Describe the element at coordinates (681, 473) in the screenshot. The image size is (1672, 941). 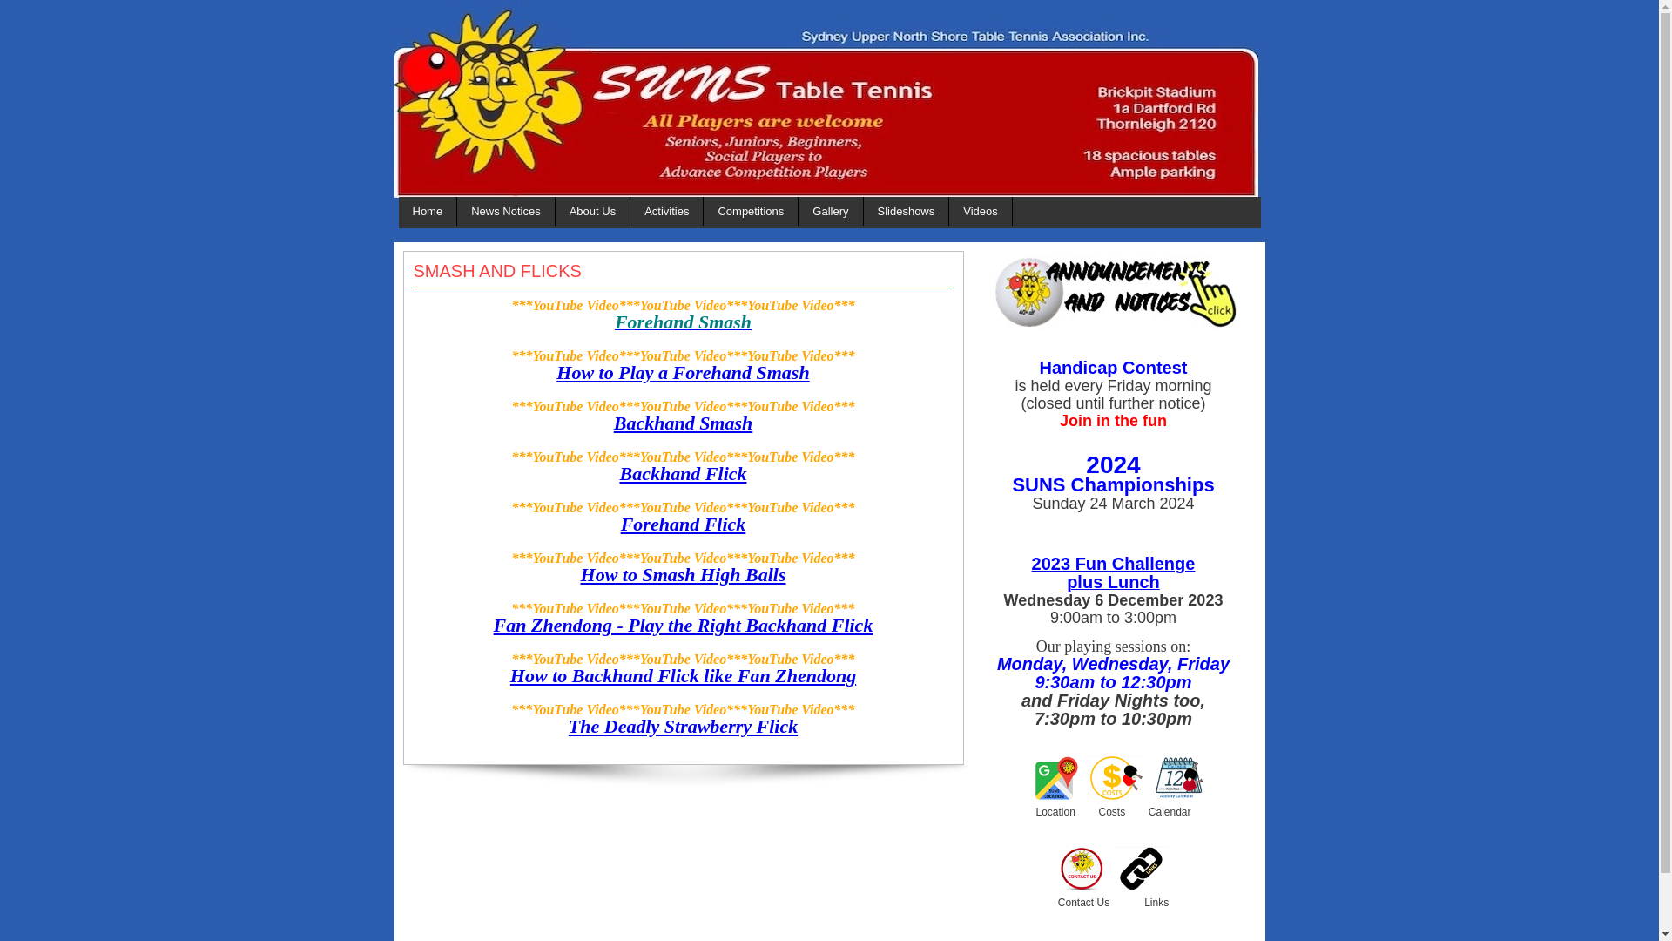
I see `'Backhand Flick'` at that location.